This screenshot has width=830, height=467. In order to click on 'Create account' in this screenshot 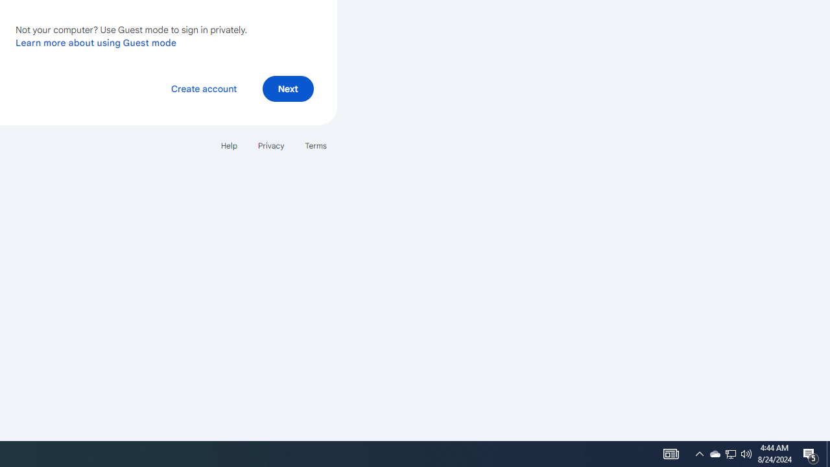, I will do `click(203, 88)`.